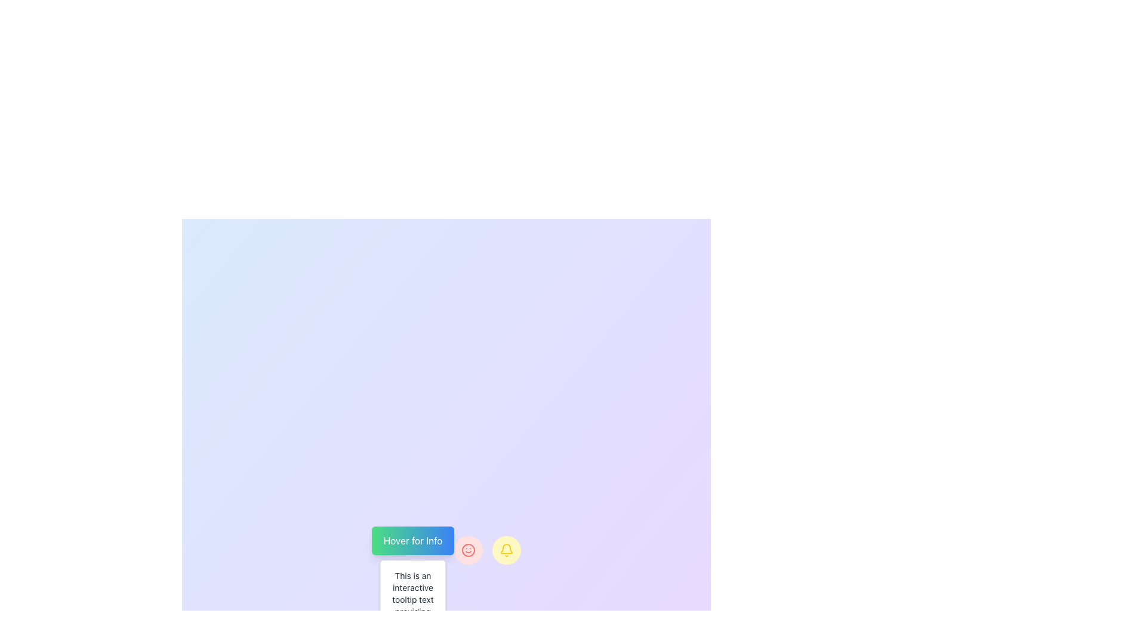 The width and height of the screenshot is (1146, 644). Describe the element at coordinates (468, 550) in the screenshot. I see `the red circular icon button with a smiley face design` at that location.